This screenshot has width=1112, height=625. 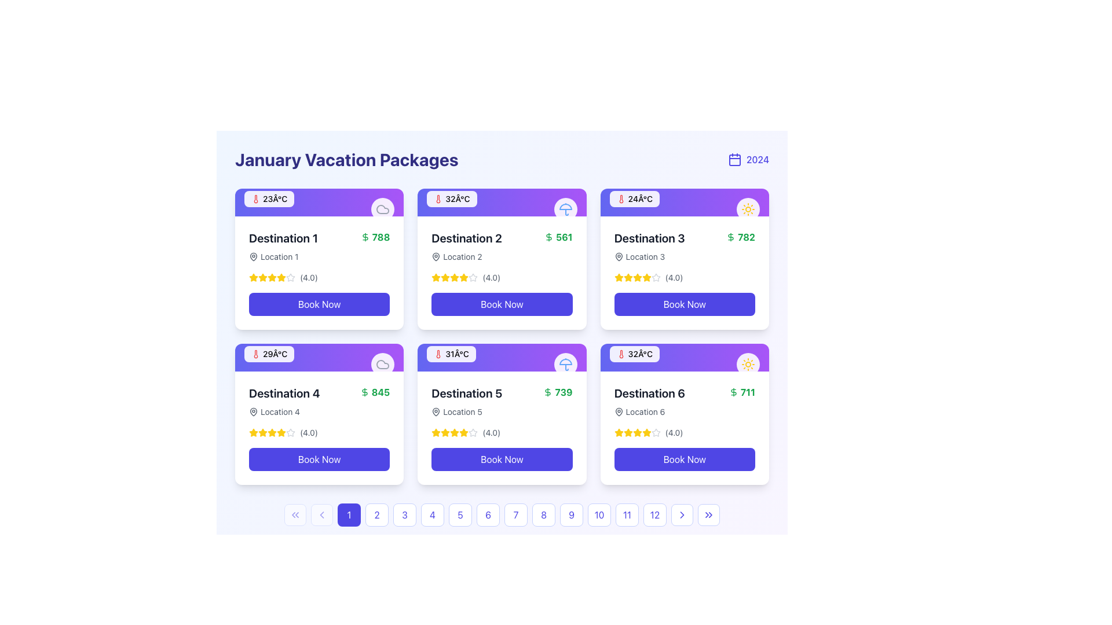 What do you see at coordinates (284, 401) in the screenshot?
I see `the text element displaying 'Destination 4Location 4', which is located in the fourth card of the second row, positioned near the center of the card beneath the temperature and above the star rating and button` at bounding box center [284, 401].